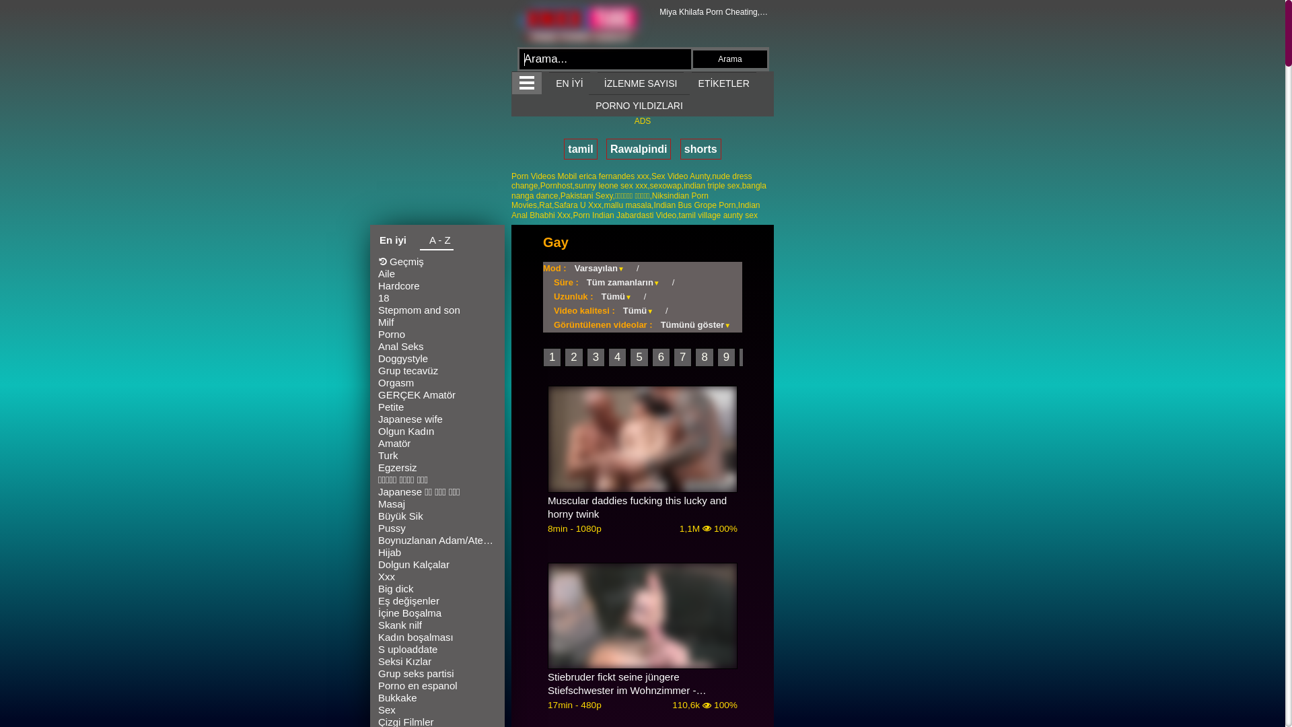  Describe the element at coordinates (436, 241) in the screenshot. I see `'A - Z'` at that location.